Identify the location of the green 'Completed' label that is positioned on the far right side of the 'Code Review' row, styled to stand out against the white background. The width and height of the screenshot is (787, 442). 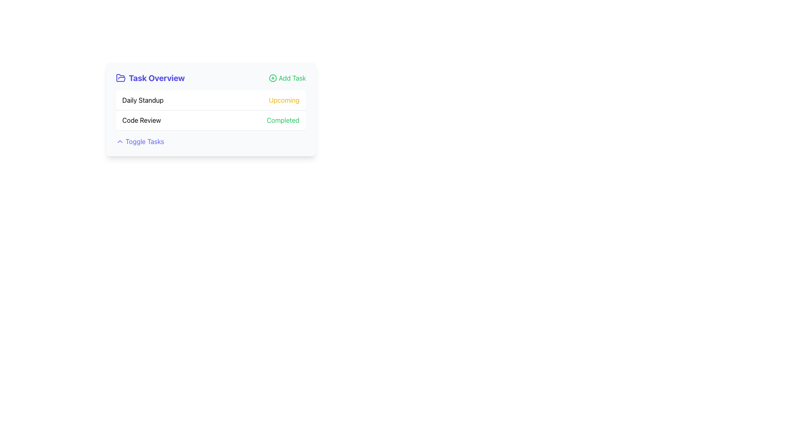
(283, 120).